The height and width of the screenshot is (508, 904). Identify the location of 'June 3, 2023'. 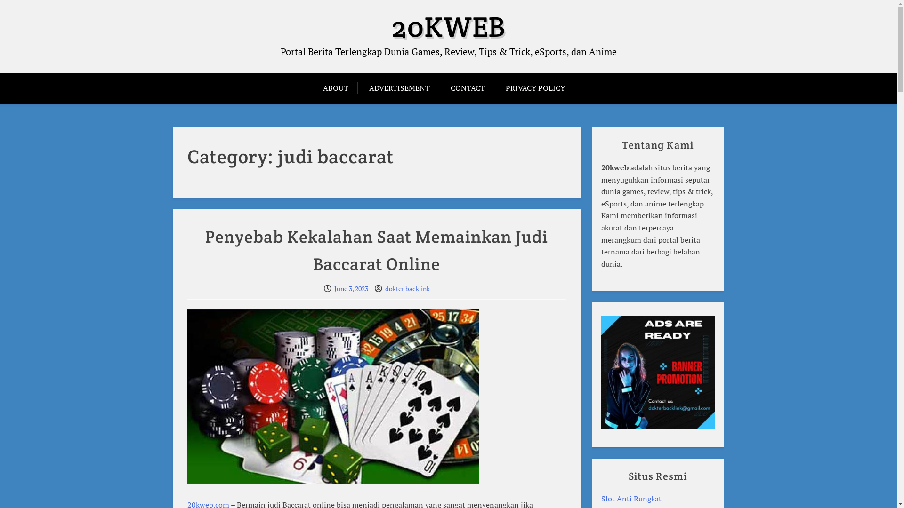
(350, 288).